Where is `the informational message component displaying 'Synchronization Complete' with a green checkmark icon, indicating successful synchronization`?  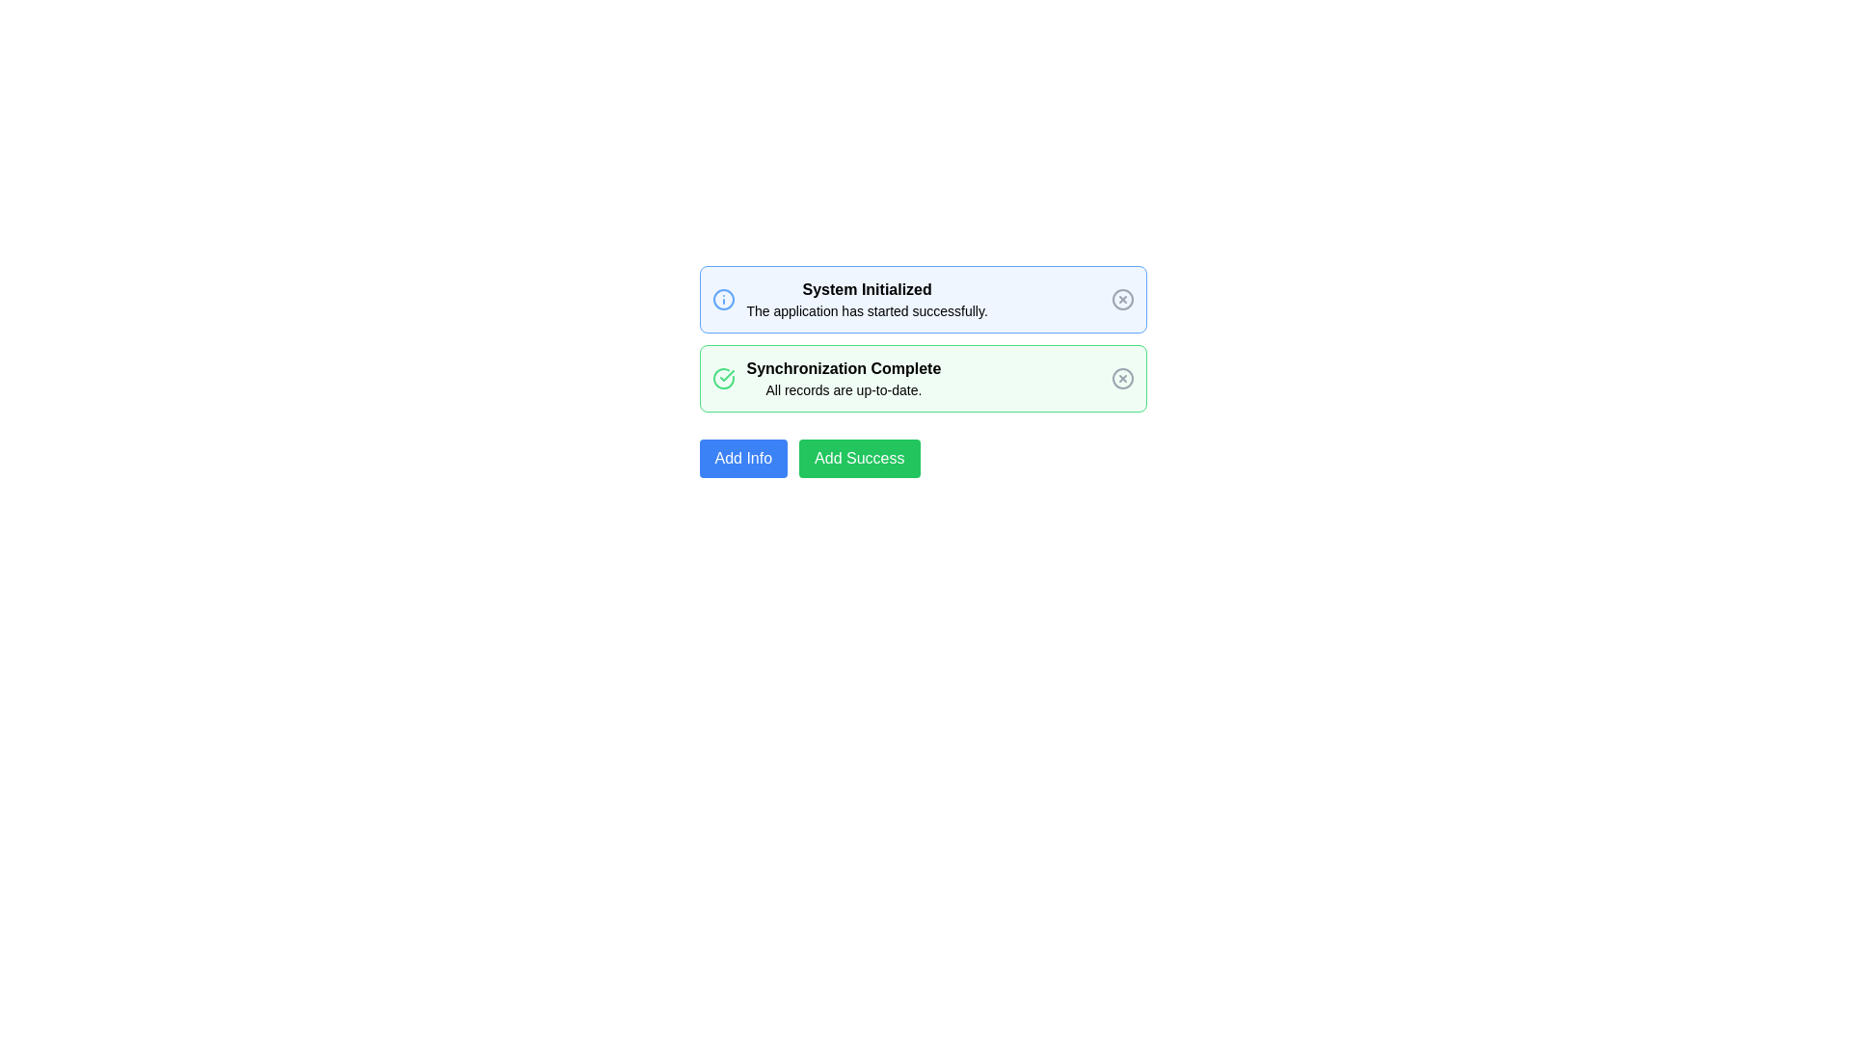 the informational message component displaying 'Synchronization Complete' with a green checkmark icon, indicating successful synchronization is located at coordinates (826, 379).